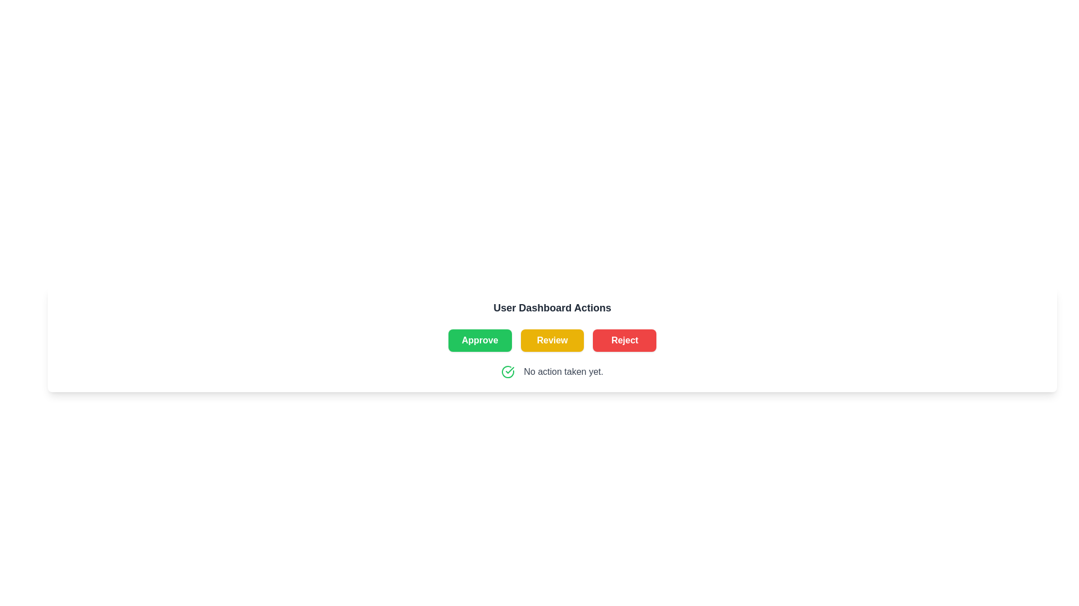 The image size is (1079, 606). I want to click on the first button in a horizontal array of three buttons, located in the top left corner, so click(480, 339).